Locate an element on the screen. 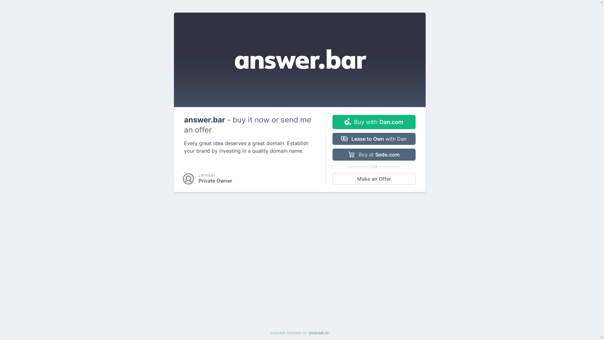 This screenshot has width=604, height=340. 'Make an Offer' is located at coordinates (374, 178).